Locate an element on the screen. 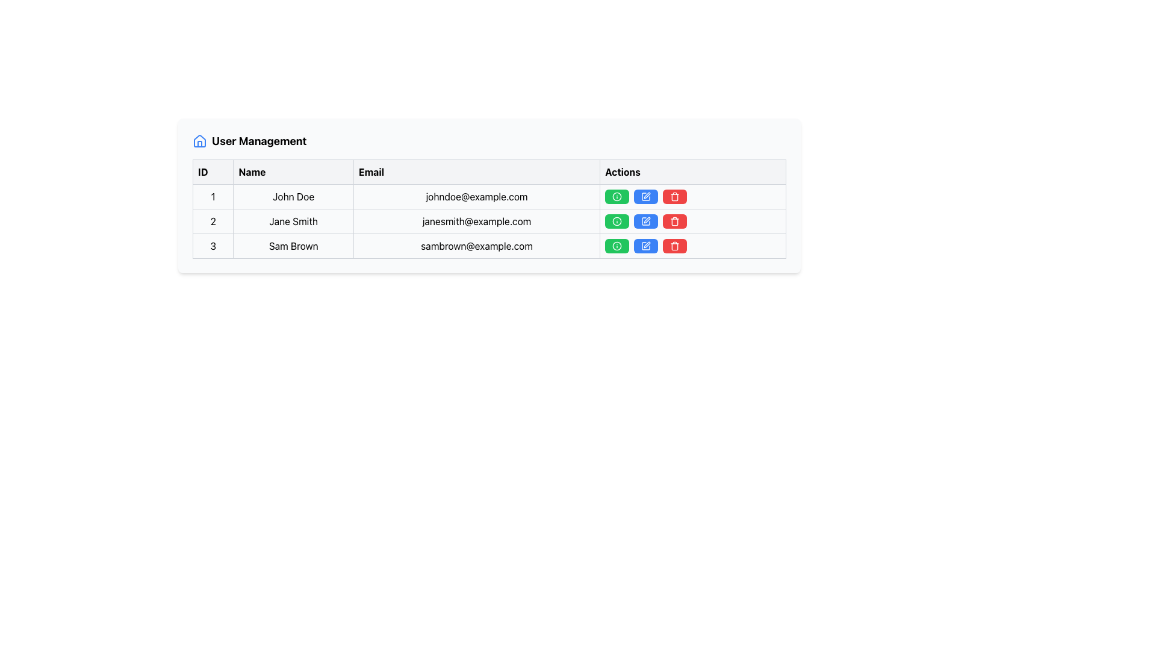 The width and height of the screenshot is (1156, 650). the delete button in the Actions column of the table is located at coordinates (675, 245).